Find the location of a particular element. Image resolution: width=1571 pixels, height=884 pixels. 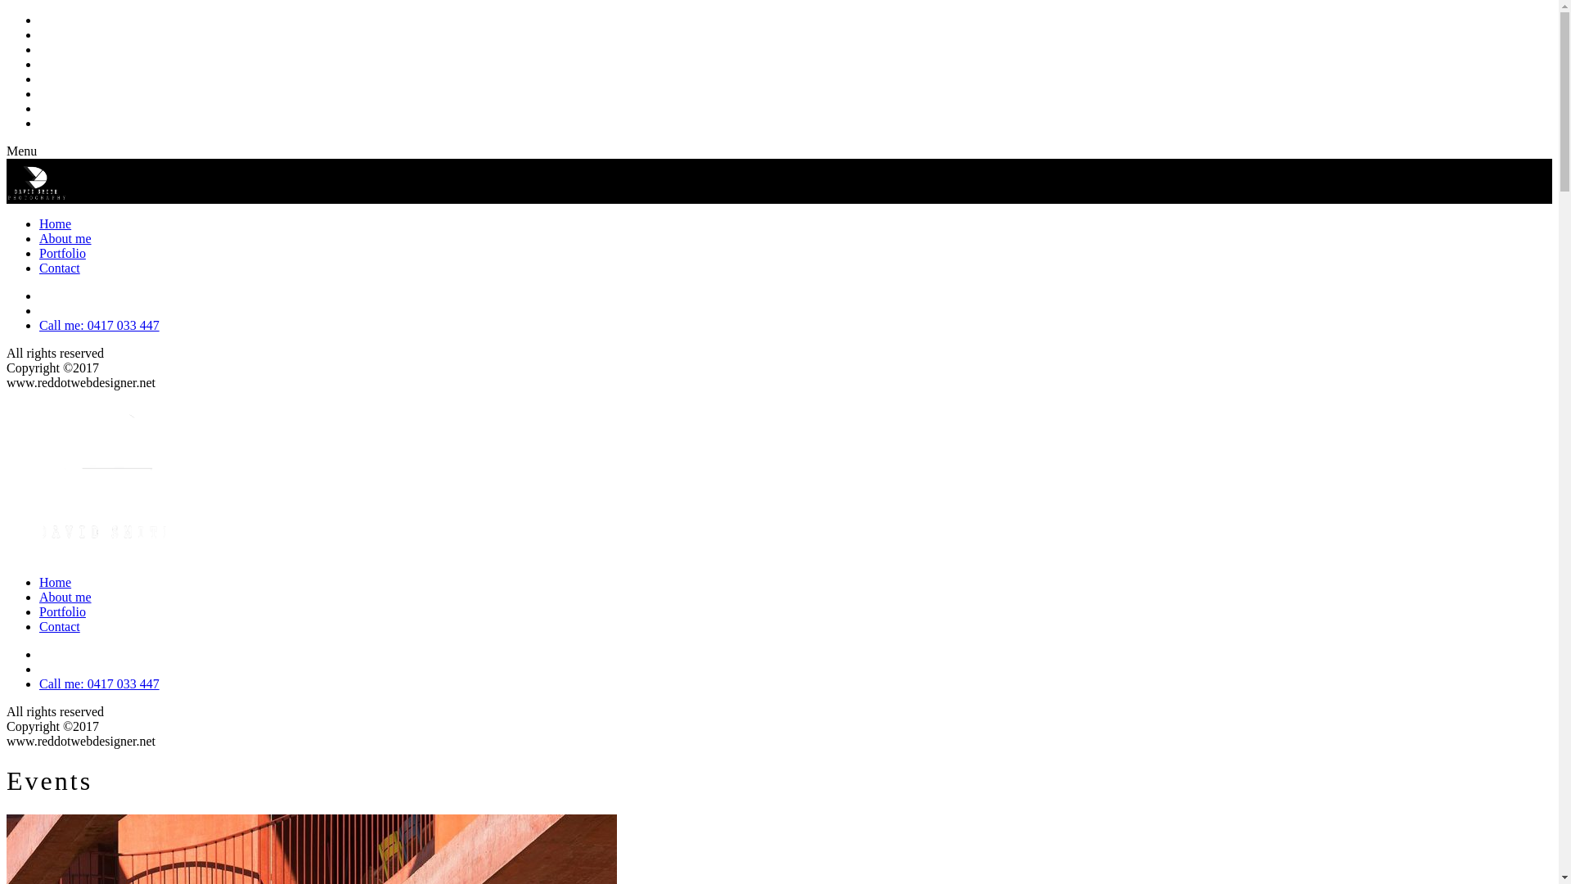

'Contact' is located at coordinates (59, 626).